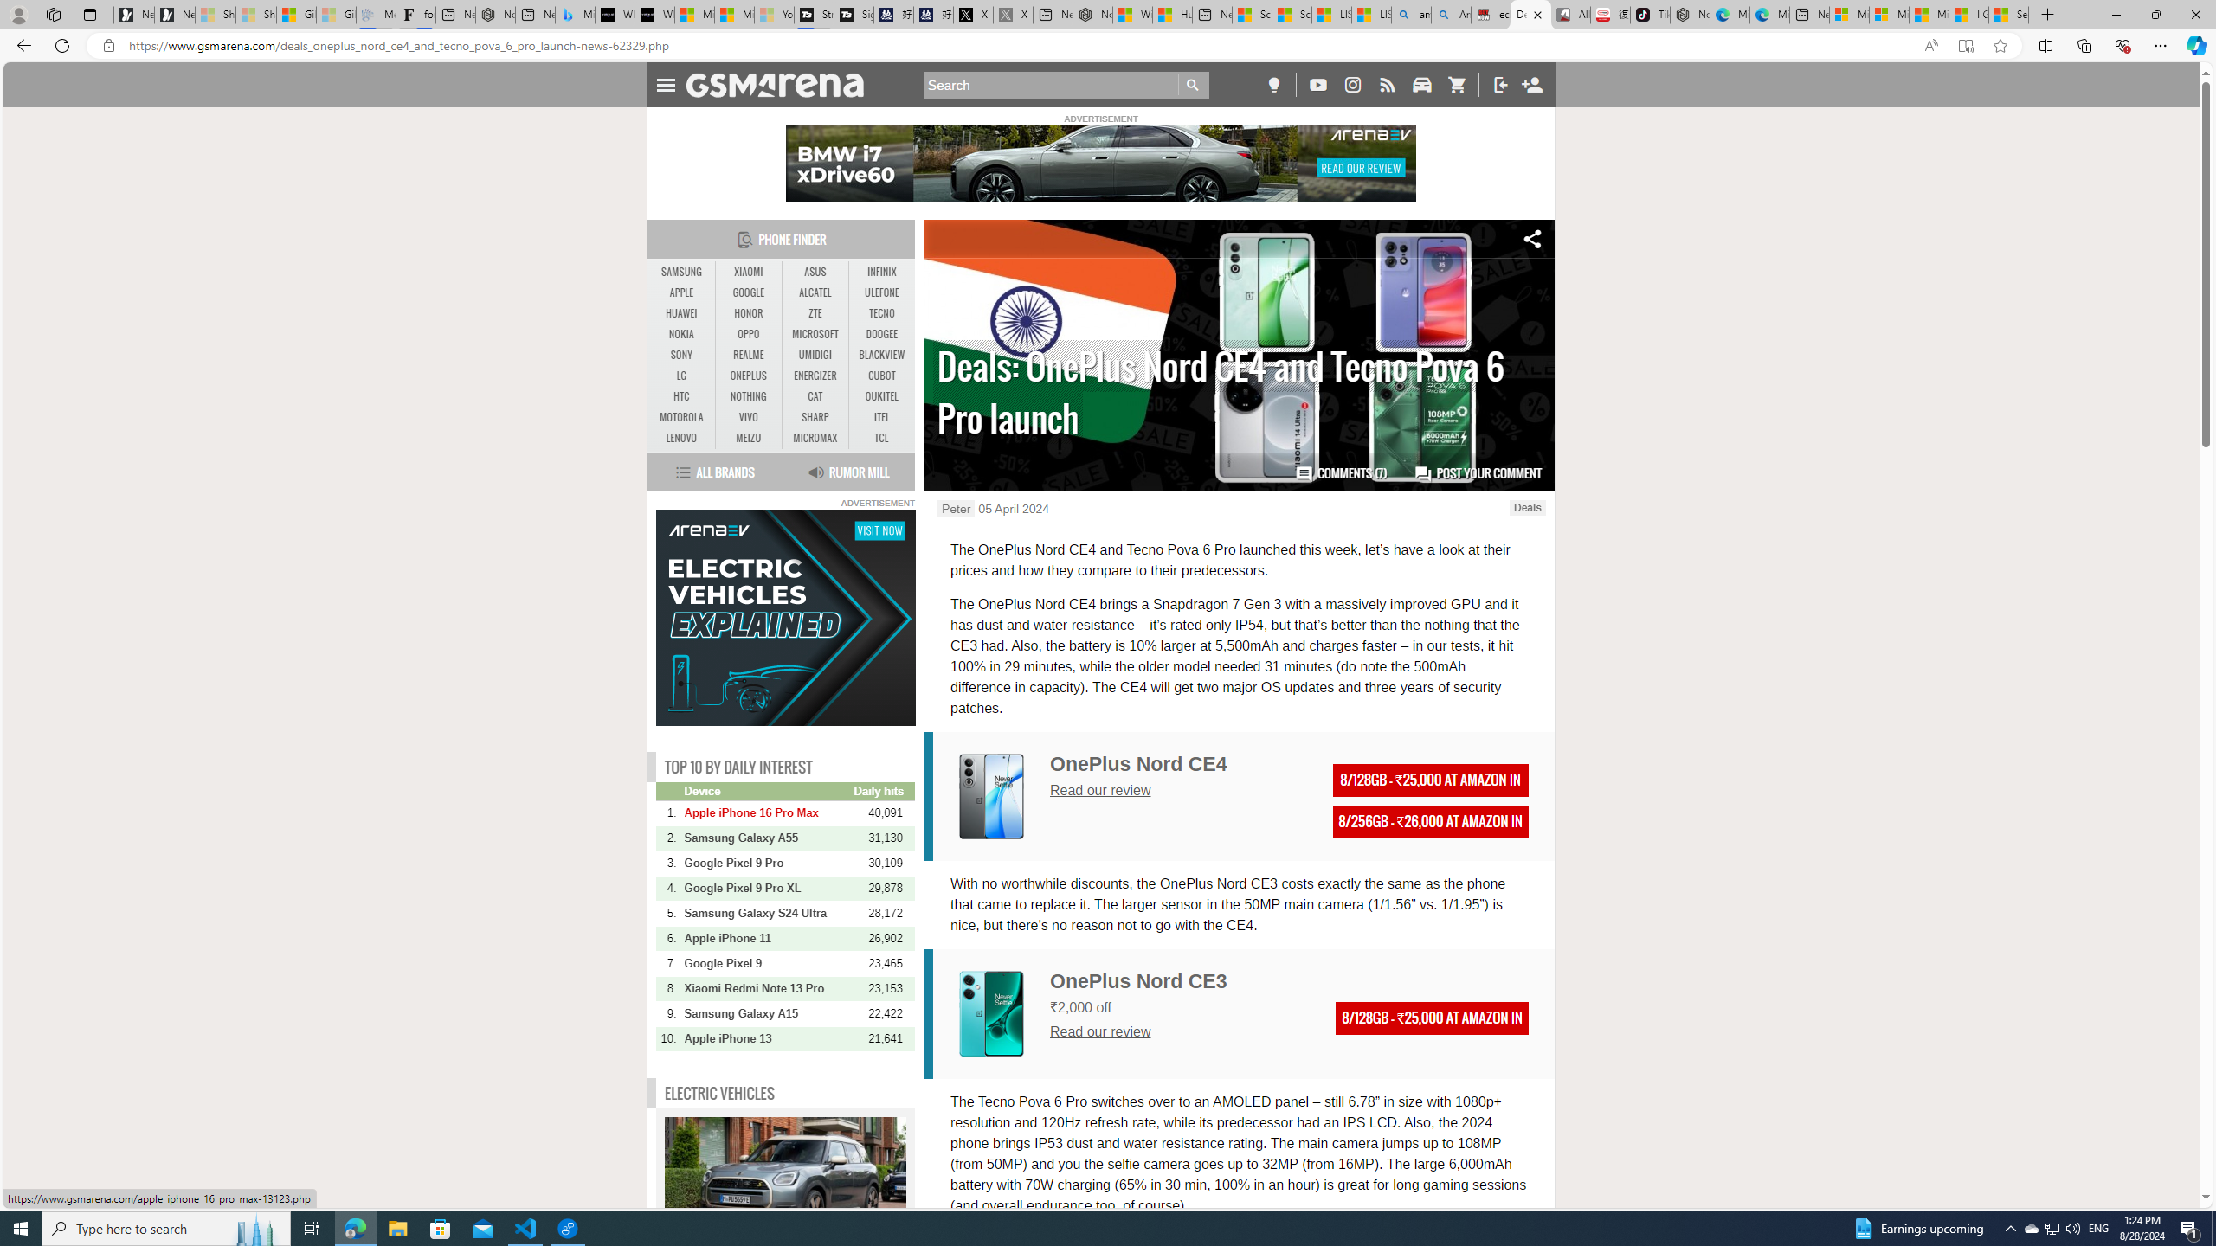 This screenshot has height=1246, width=2216. I want to click on 'LG', so click(681, 375).